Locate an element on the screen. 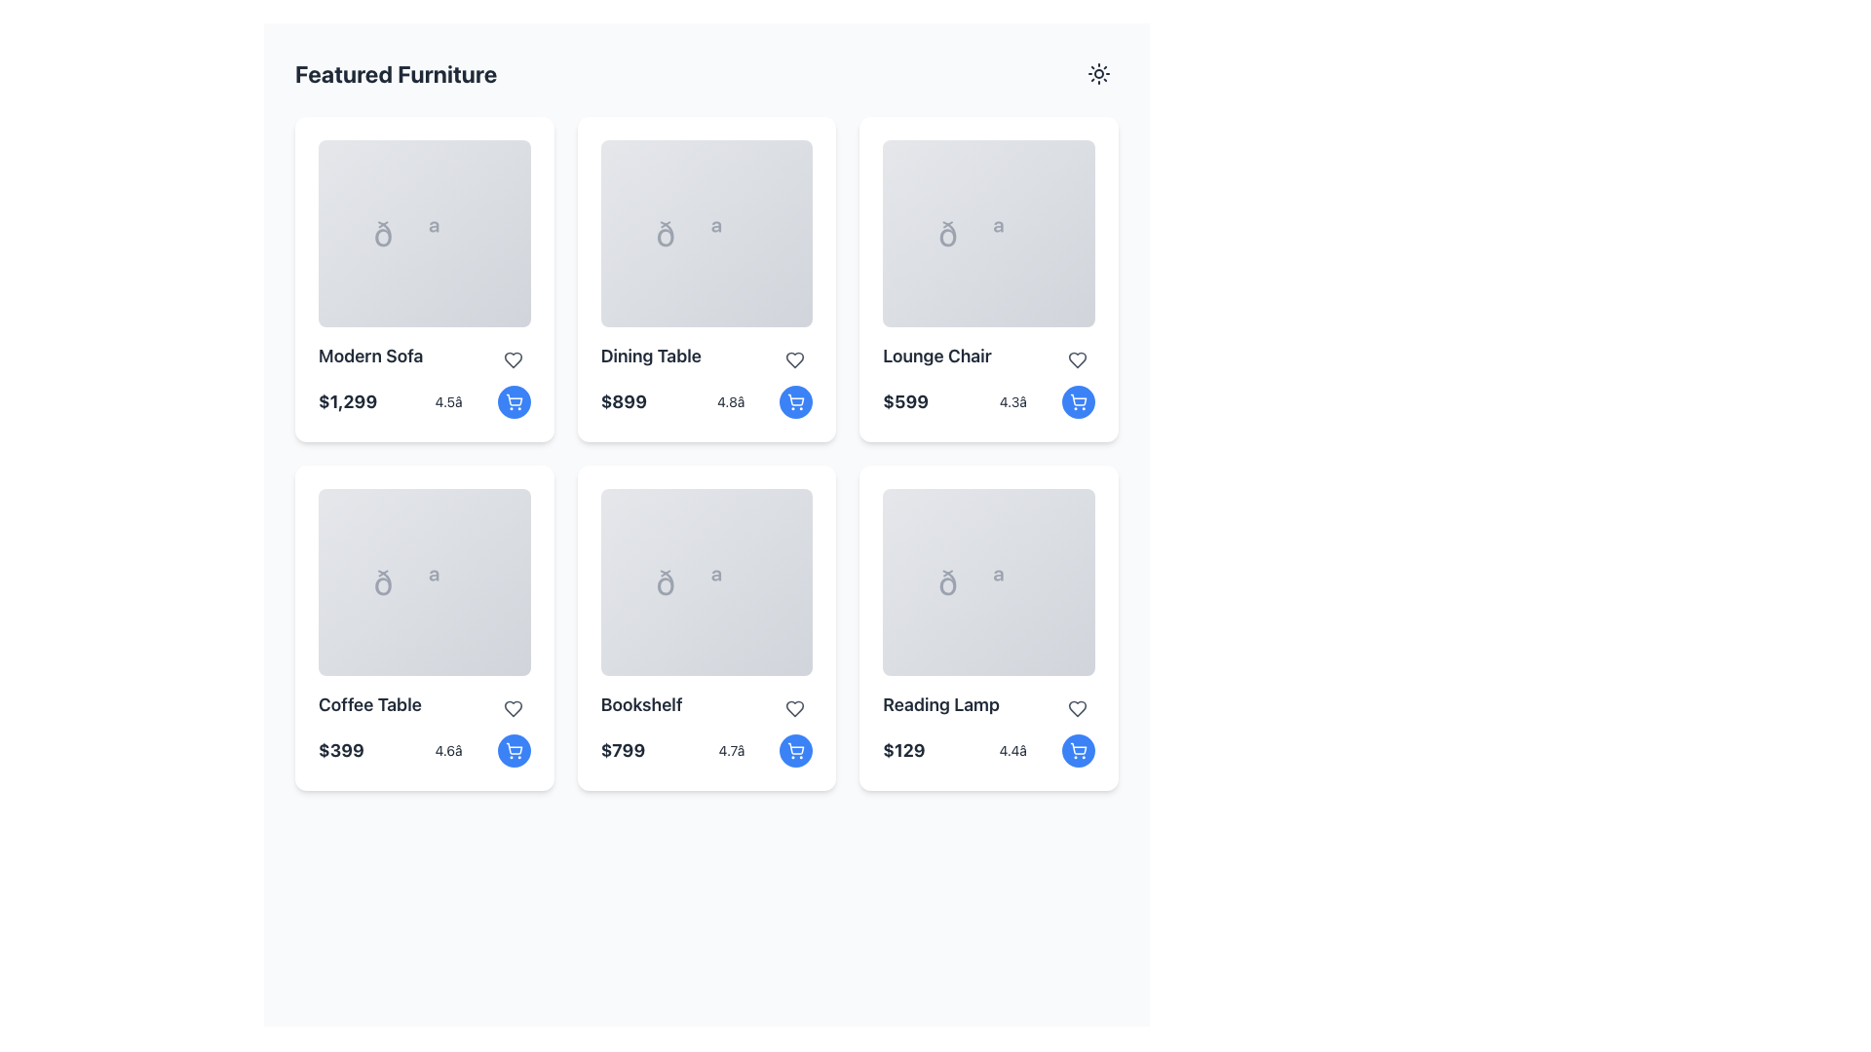  the interactive overlay present on the image placeholder in the third card of the top row, which features a gradient background and a chair icon is located at coordinates (989, 232).